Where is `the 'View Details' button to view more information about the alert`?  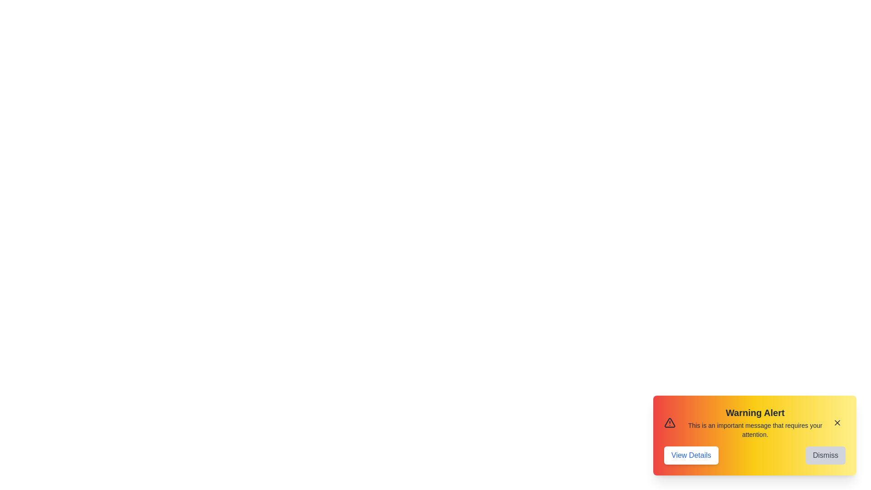
the 'View Details' button to view more information about the alert is located at coordinates (690, 455).